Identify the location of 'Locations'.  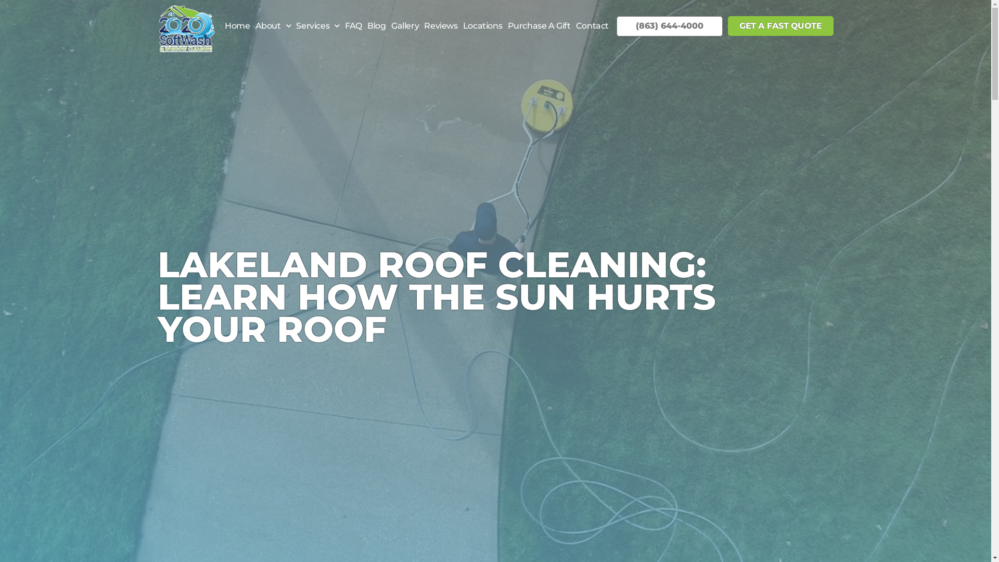
(459, 25).